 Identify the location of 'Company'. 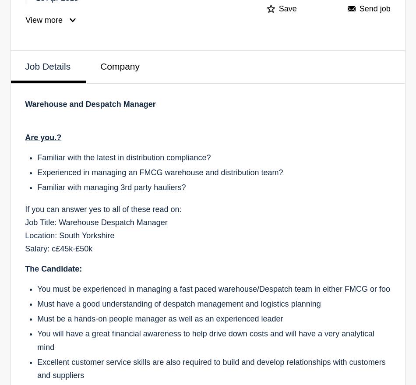
(119, 66).